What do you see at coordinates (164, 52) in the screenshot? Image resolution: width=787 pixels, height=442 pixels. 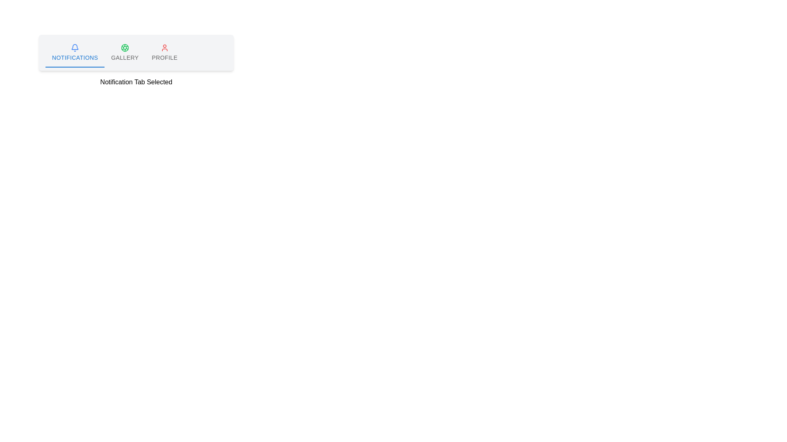 I see `the third tab button in the horizontal tab bar` at bounding box center [164, 52].